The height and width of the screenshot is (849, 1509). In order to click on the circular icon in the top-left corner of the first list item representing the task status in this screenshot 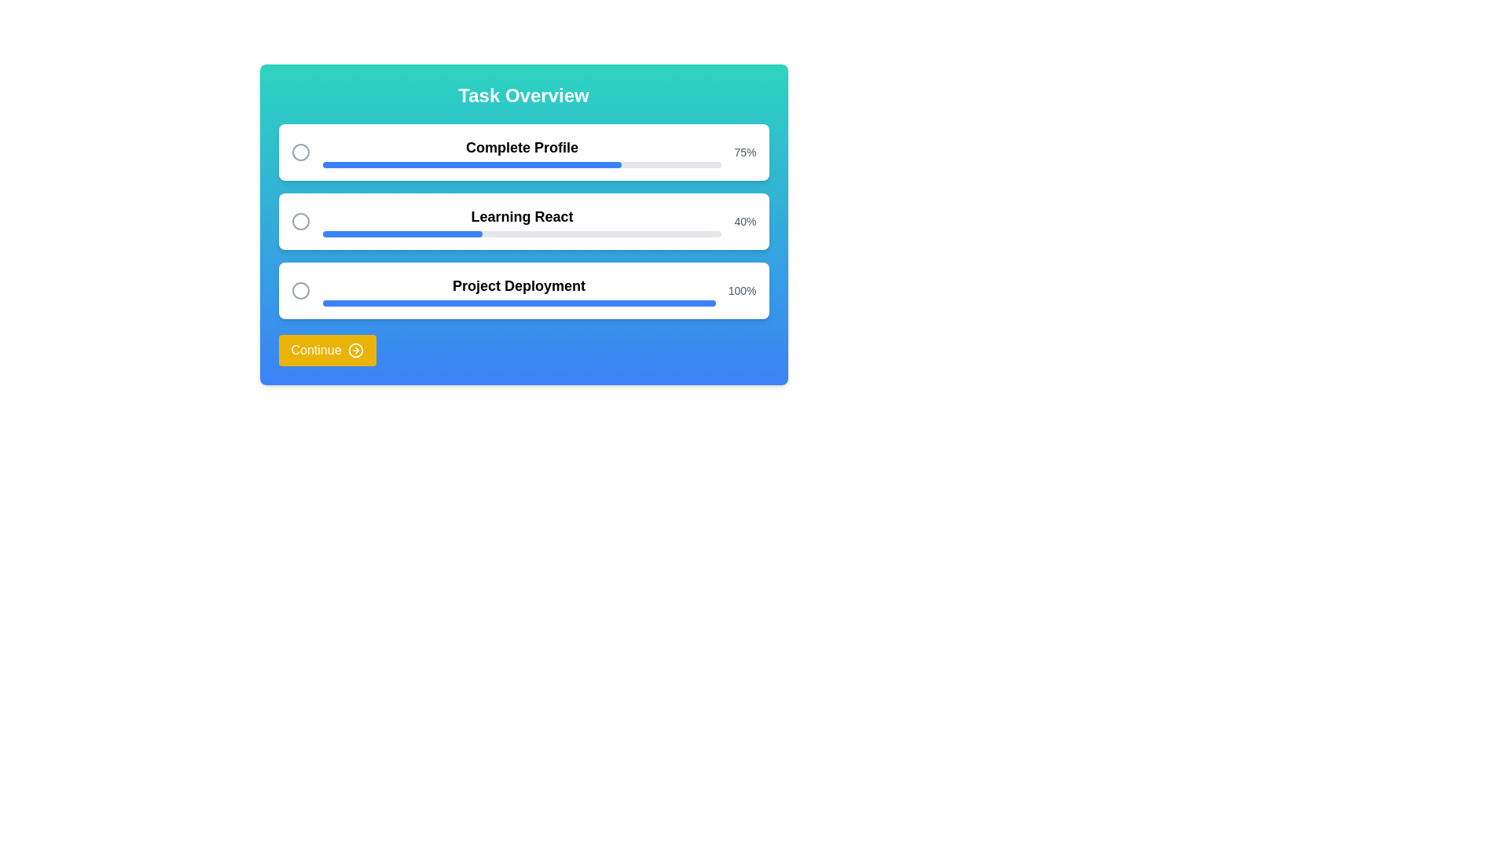, I will do `click(300, 152)`.